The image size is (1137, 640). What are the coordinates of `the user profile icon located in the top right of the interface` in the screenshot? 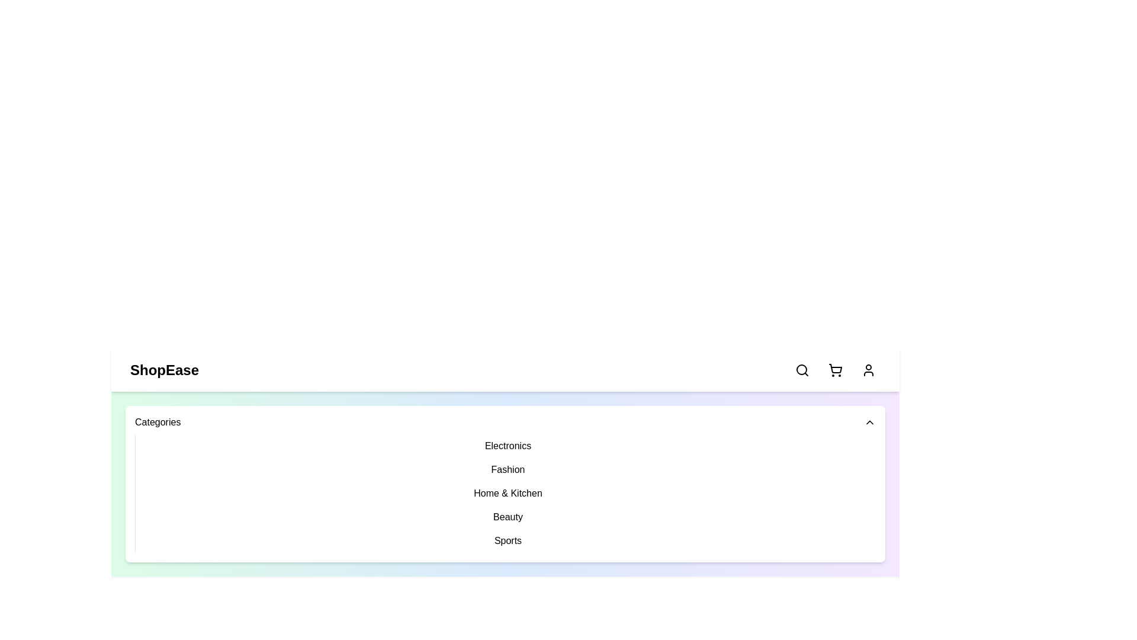 It's located at (869, 369).